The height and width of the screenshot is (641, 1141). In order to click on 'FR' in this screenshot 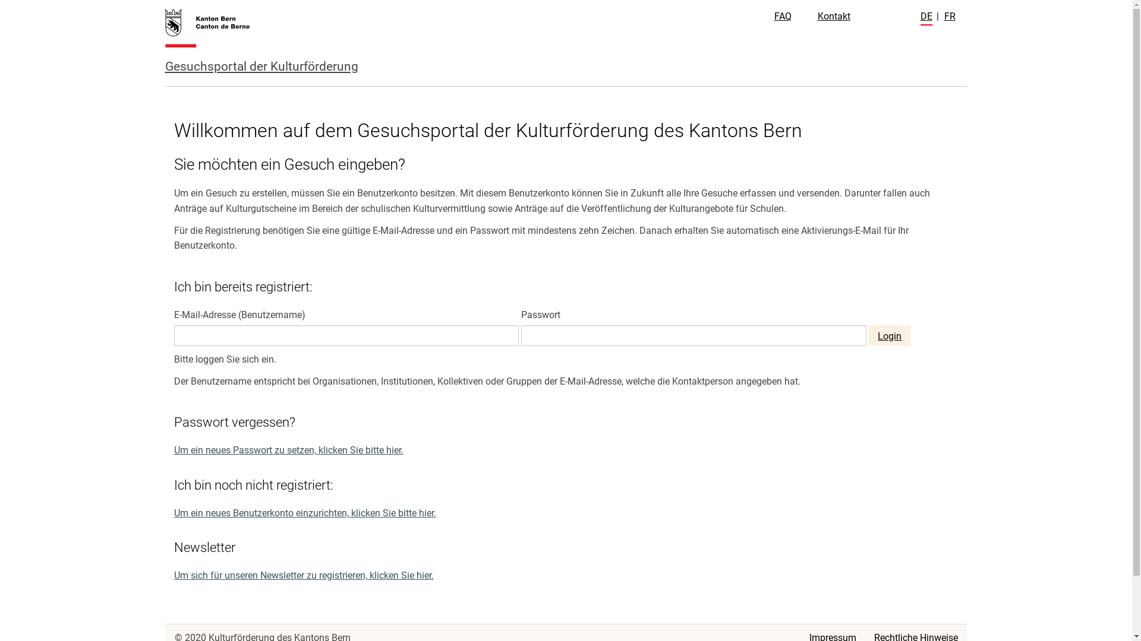, I will do `click(943, 16)`.